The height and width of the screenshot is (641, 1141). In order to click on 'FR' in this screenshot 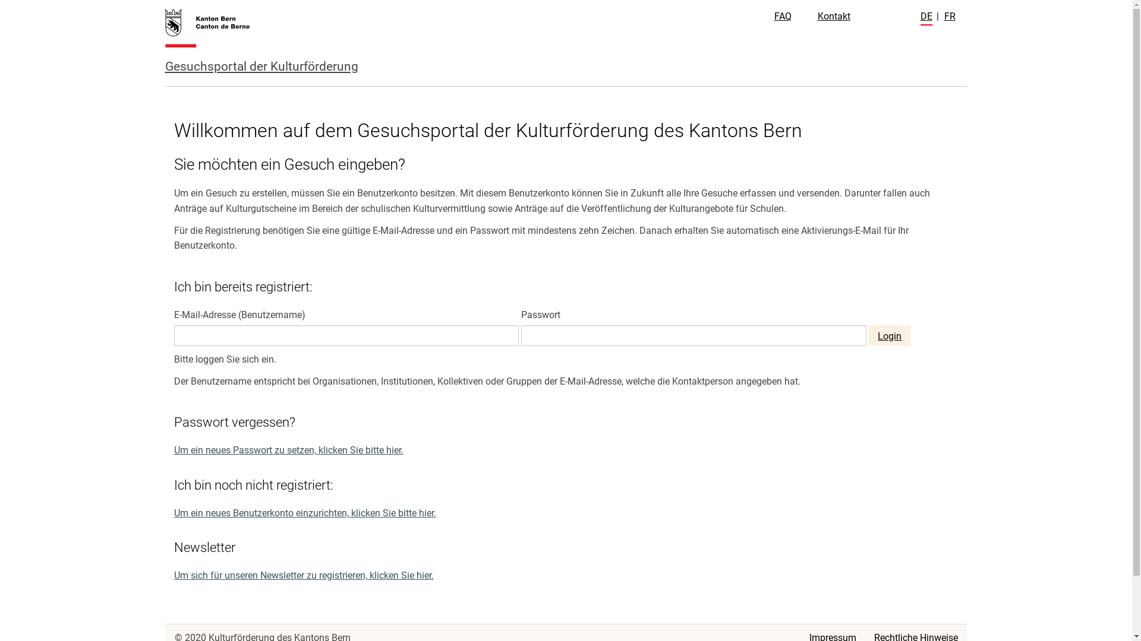, I will do `click(943, 16)`.